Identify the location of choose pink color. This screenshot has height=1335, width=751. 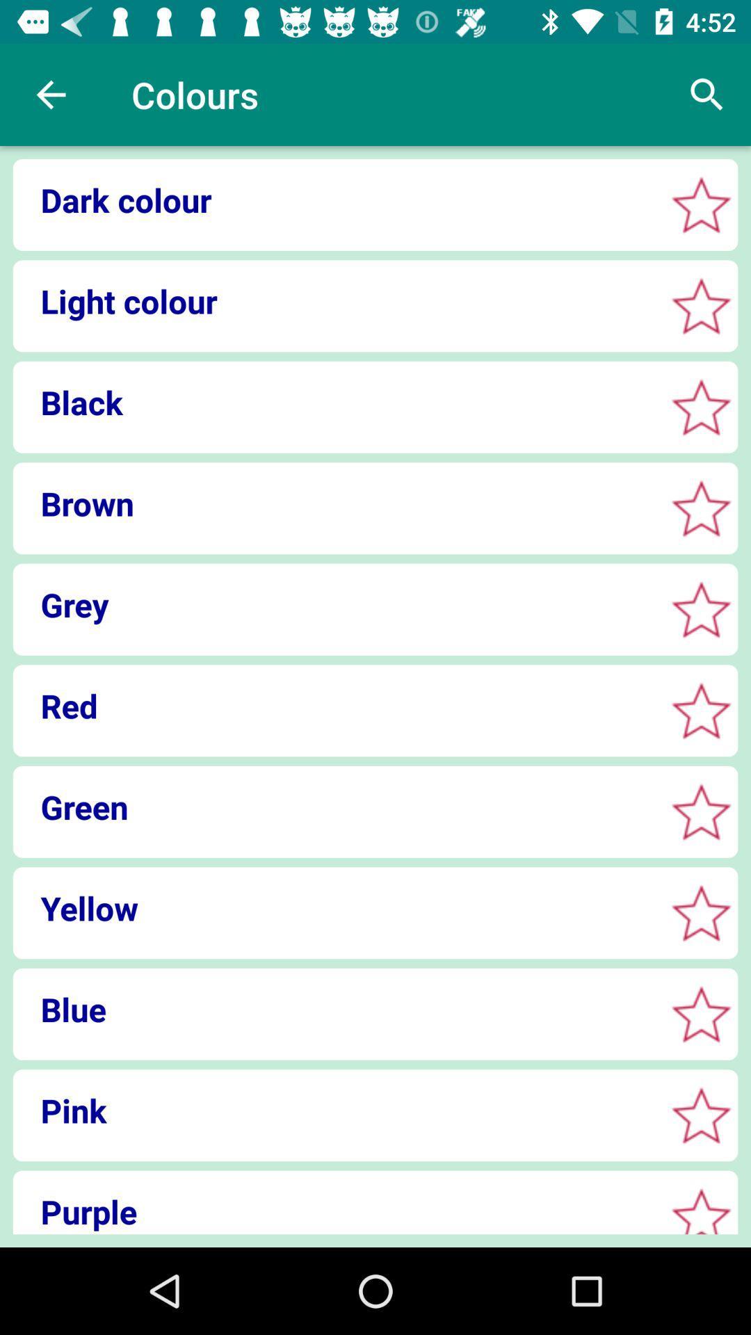
(701, 1115).